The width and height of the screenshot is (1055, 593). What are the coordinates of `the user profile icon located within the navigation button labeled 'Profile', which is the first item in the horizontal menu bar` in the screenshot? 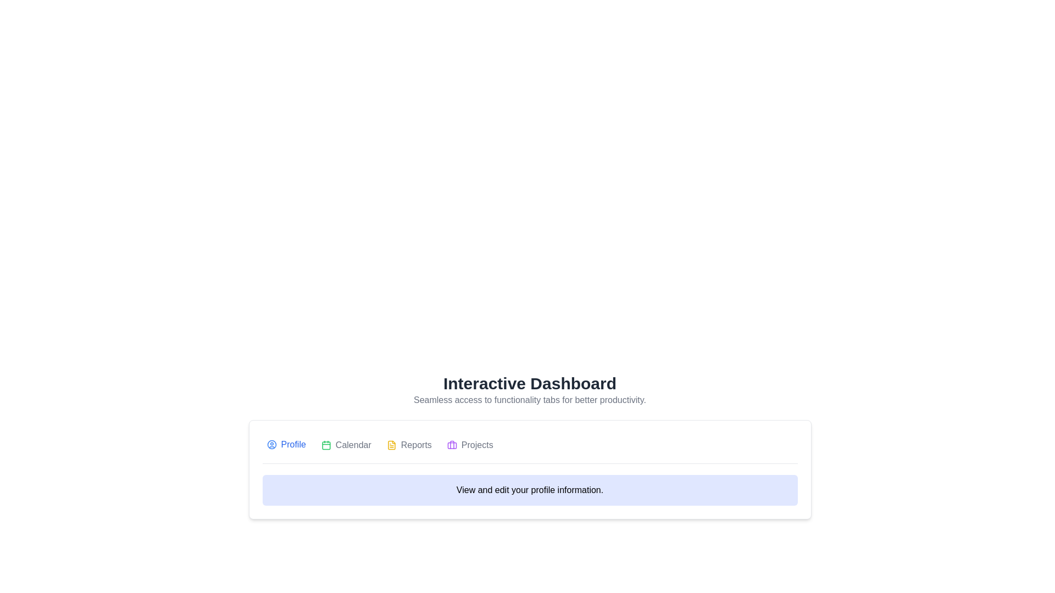 It's located at (271, 445).